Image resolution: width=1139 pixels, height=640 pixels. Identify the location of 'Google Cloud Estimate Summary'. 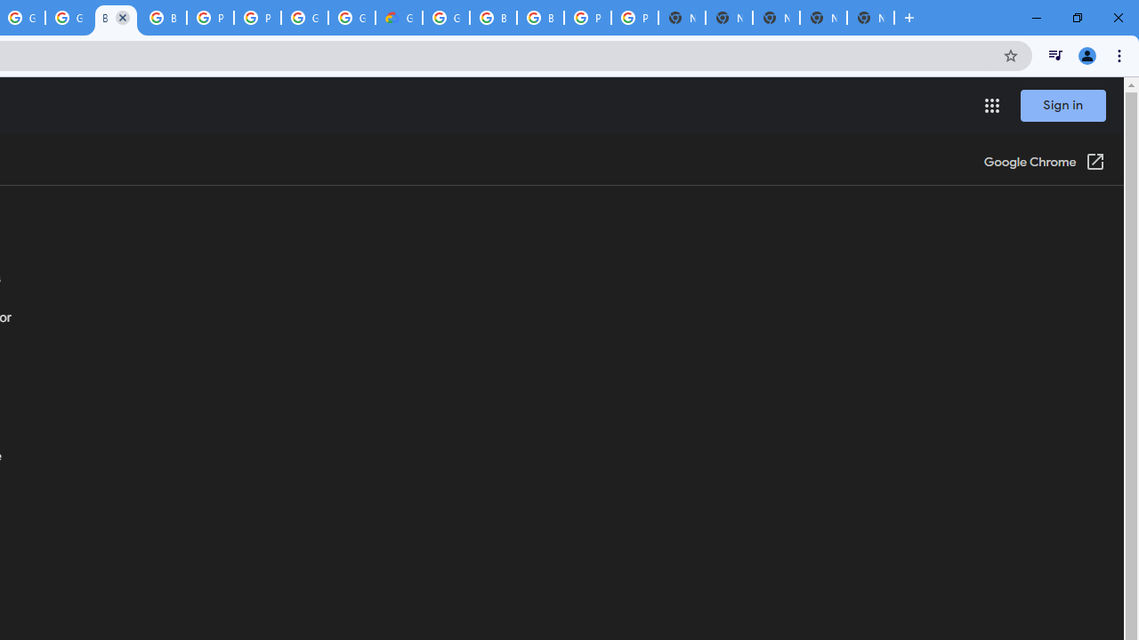
(398, 18).